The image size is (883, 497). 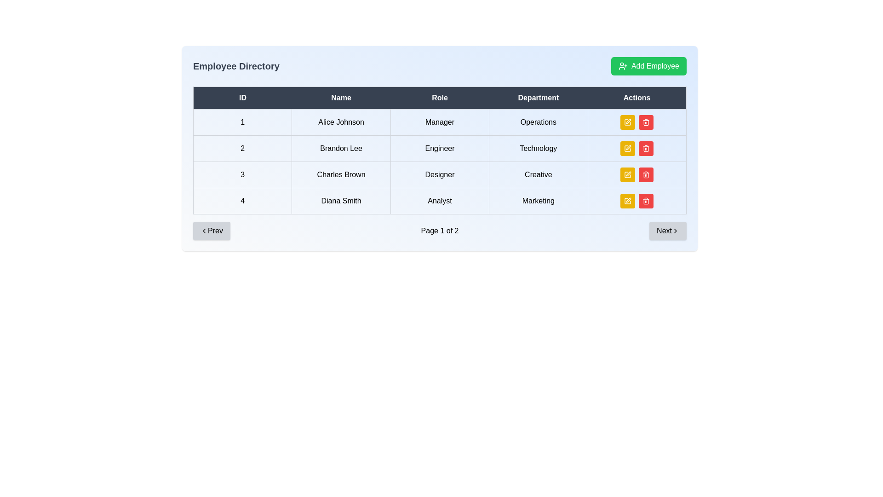 I want to click on the 'Operations' text display cell element in the table layout under the 'Department' column, which corresponds to the row for Alice Johnson as Manager, so click(x=538, y=122).